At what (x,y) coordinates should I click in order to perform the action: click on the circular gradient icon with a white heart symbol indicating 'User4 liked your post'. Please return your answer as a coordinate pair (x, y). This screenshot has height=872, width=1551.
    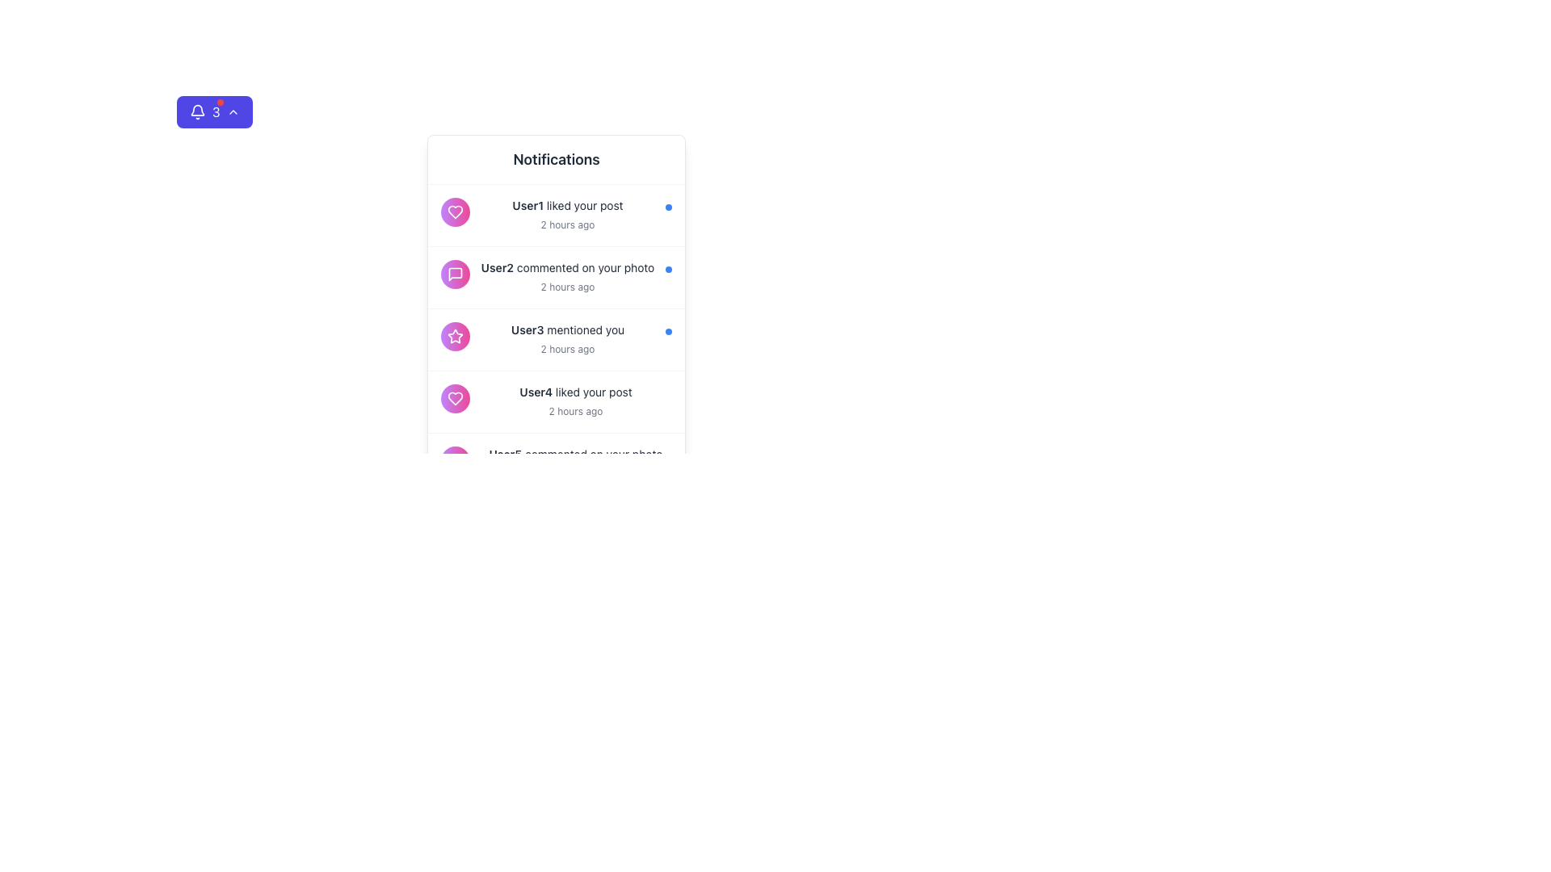
    Looking at the image, I should click on (455, 398).